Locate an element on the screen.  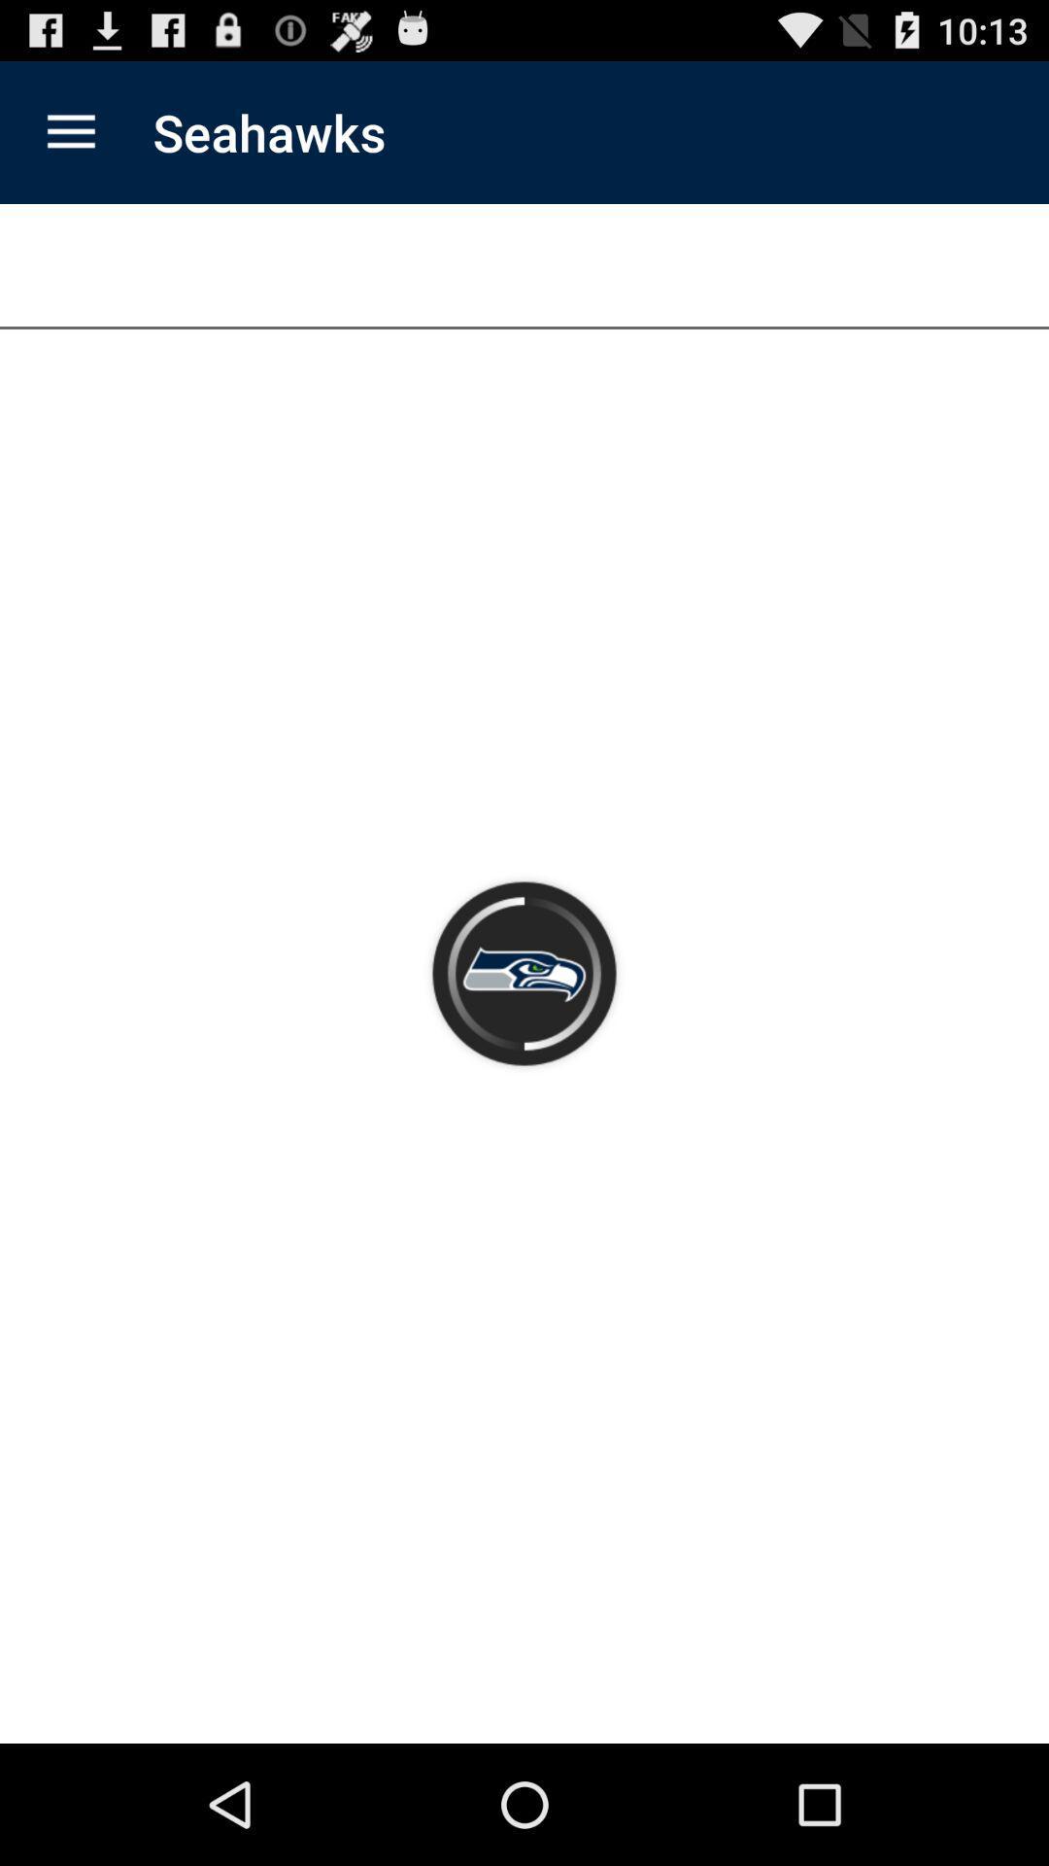
the icon to the left of the seahawks is located at coordinates (70, 131).